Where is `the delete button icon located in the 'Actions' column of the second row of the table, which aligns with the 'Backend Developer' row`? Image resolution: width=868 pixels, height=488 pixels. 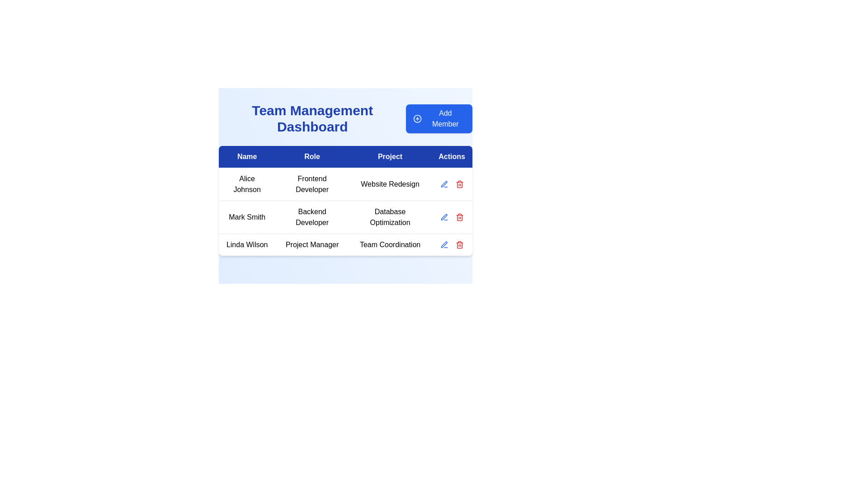
the delete button icon located in the 'Actions' column of the second row of the table, which aligns with the 'Backend Developer' row is located at coordinates (459, 217).